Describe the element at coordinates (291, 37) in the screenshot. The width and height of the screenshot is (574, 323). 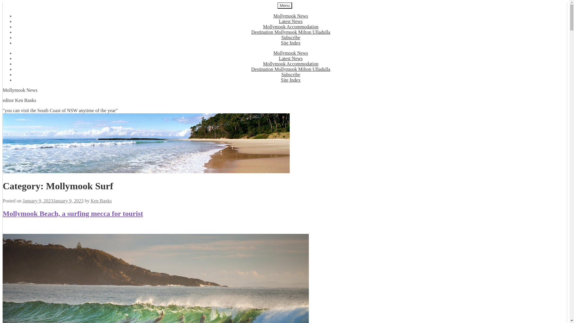
I see `'Subscribe'` at that location.